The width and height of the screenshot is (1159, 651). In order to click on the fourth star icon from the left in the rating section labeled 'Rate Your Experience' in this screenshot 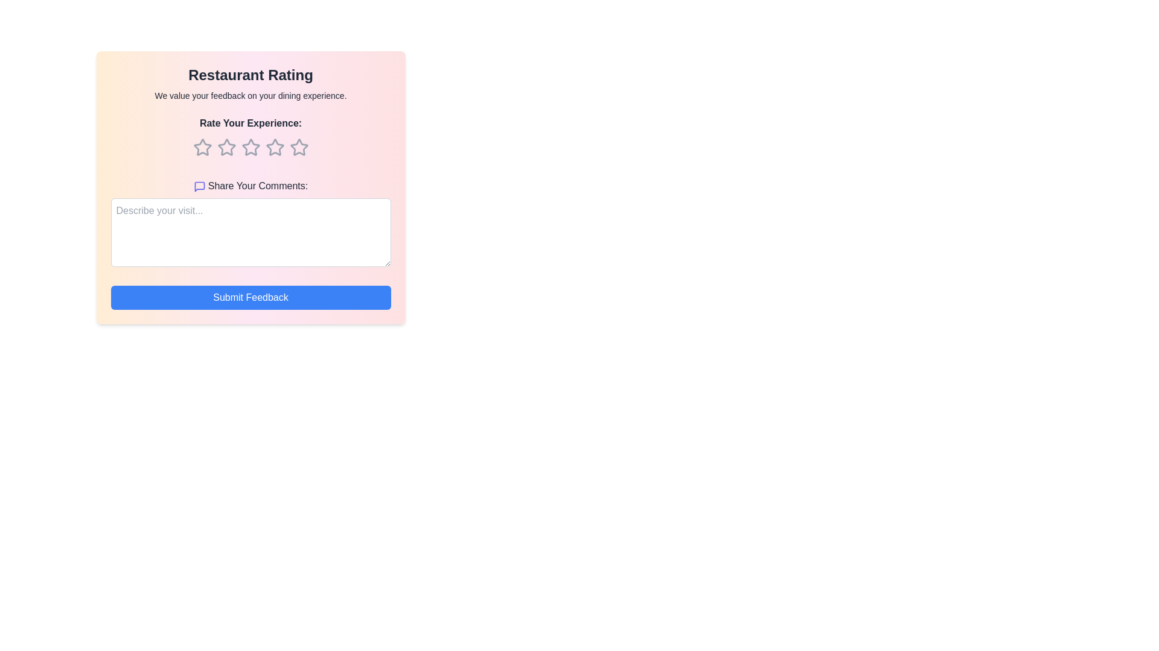, I will do `click(274, 147)`.